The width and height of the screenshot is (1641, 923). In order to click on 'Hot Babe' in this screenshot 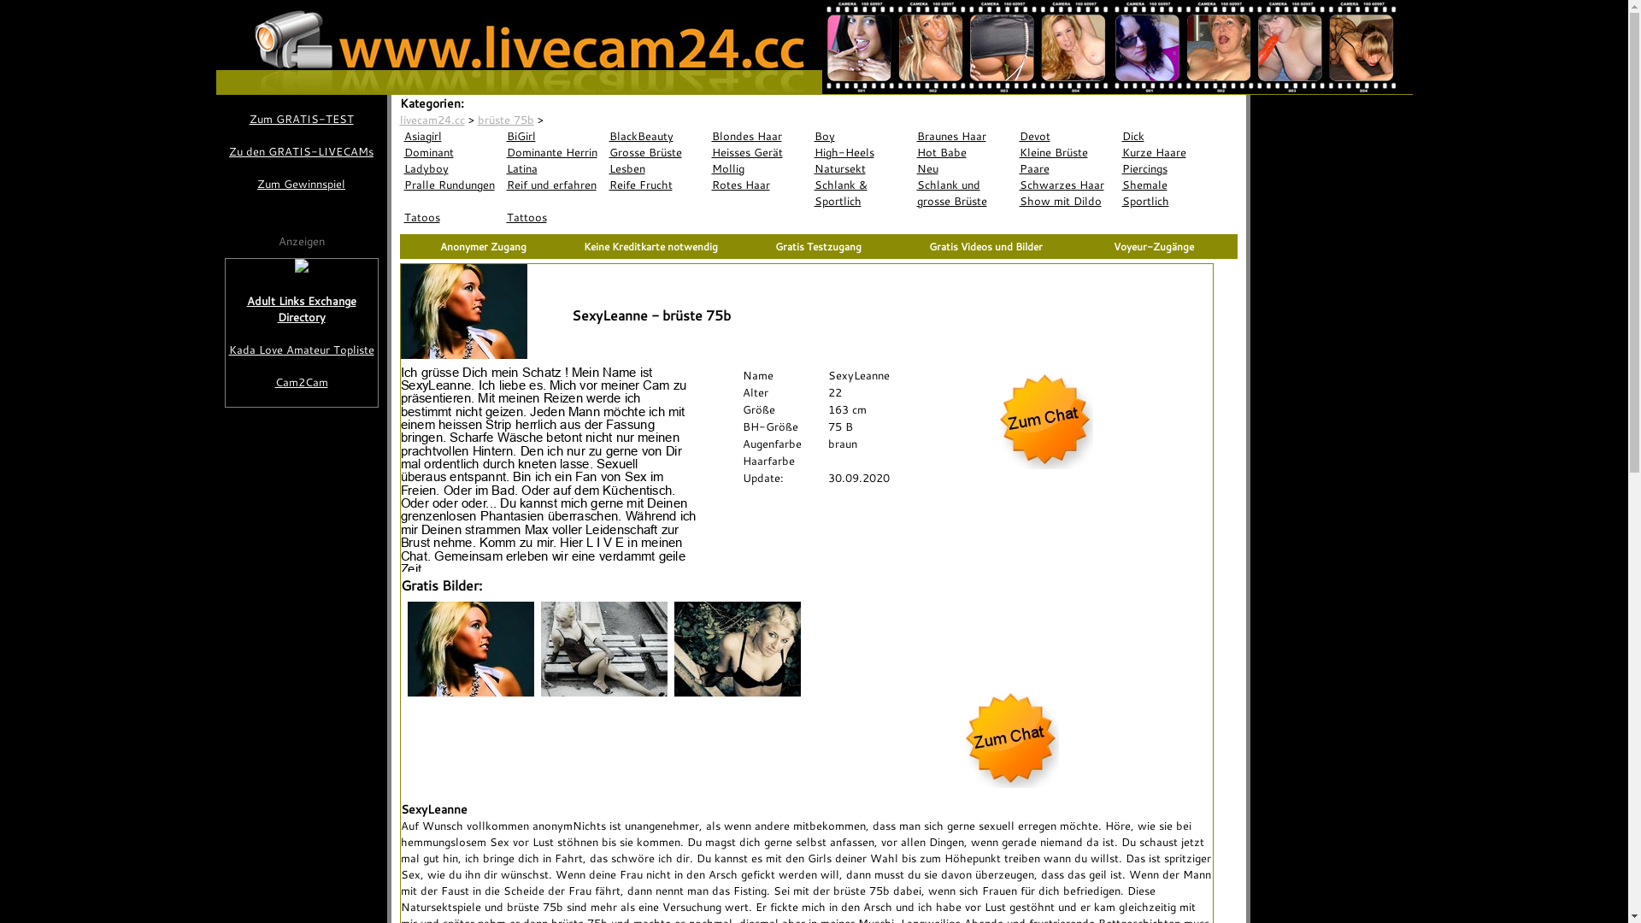, I will do `click(964, 151)`.